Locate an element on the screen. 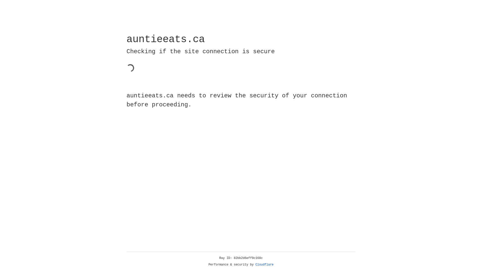 The height and width of the screenshot is (271, 482). 'Cloudflare' is located at coordinates (264, 264).